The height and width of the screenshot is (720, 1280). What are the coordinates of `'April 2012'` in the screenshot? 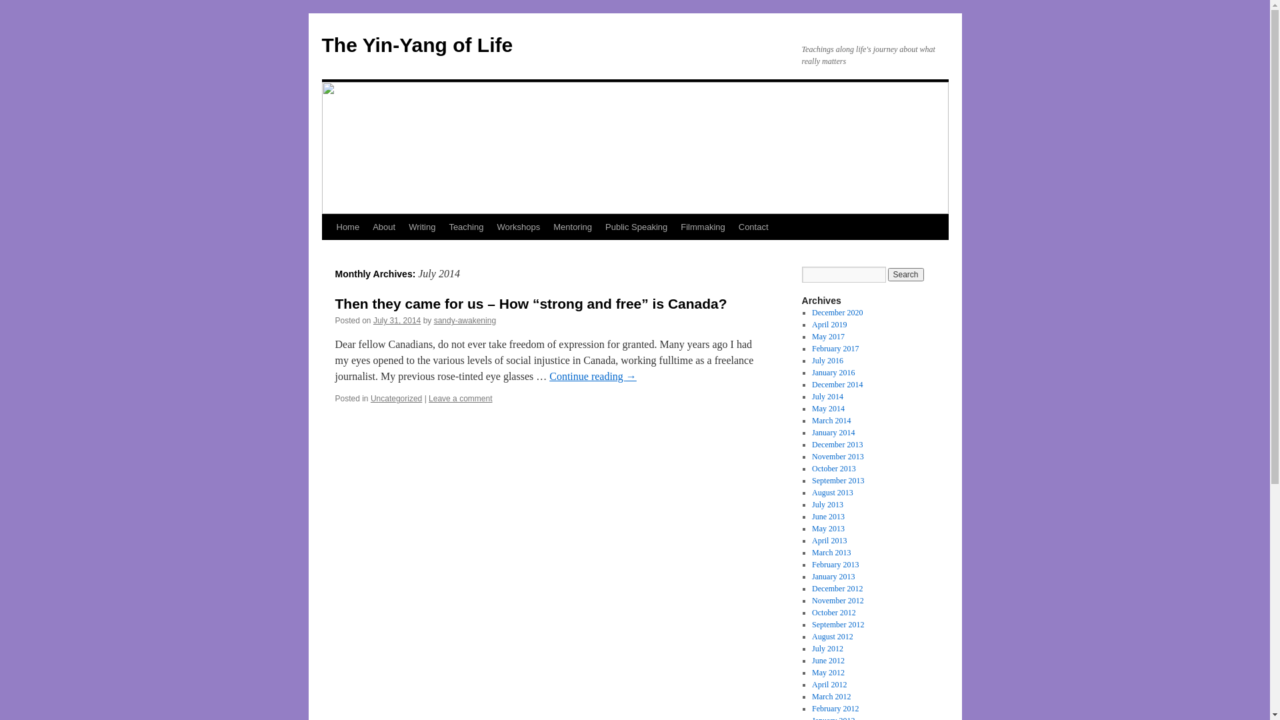 It's located at (828, 684).